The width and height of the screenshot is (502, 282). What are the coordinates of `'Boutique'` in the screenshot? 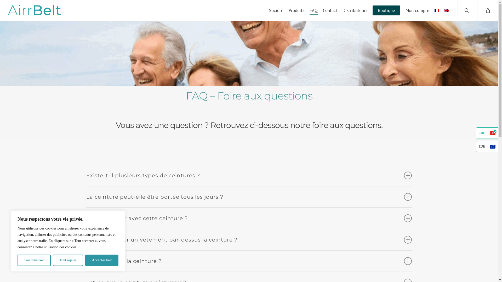 It's located at (386, 10).